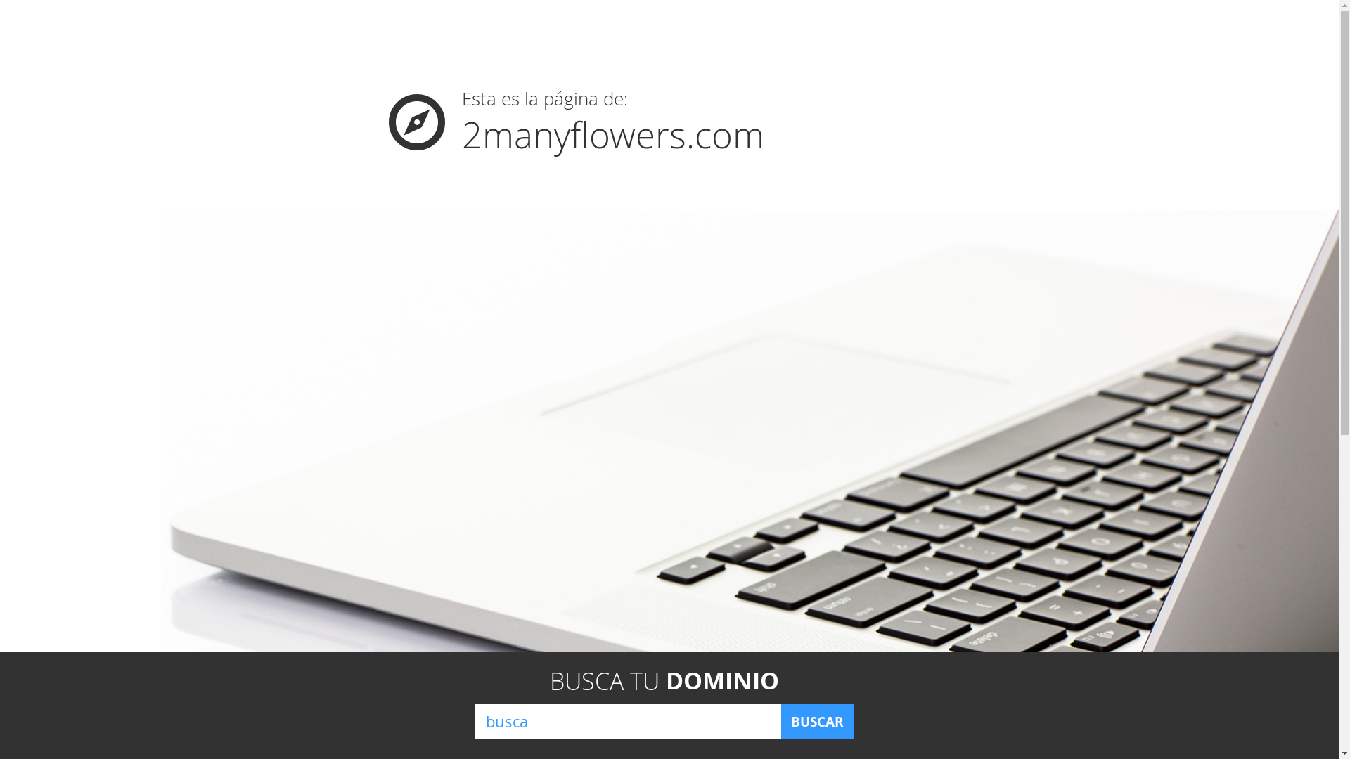 The width and height of the screenshot is (1350, 759). I want to click on 'BUSCAR', so click(816, 721).